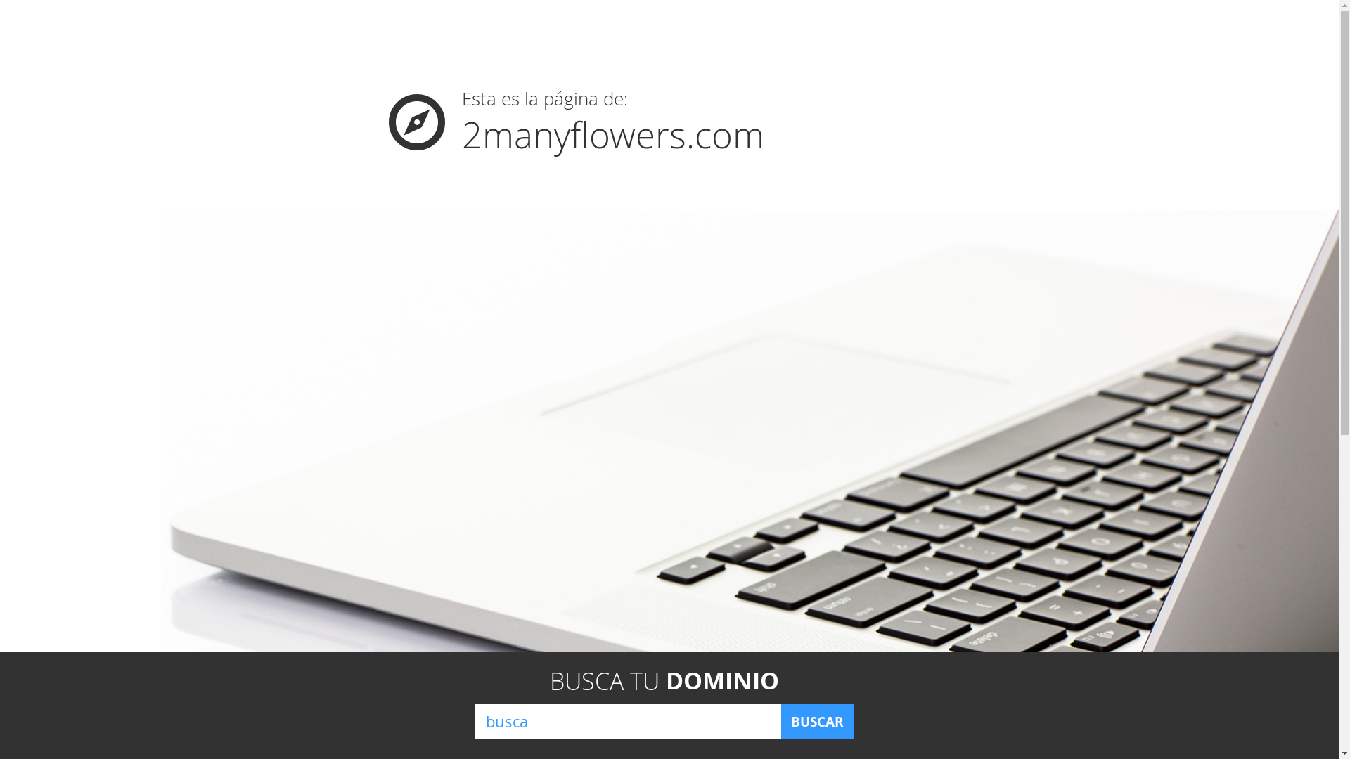 The width and height of the screenshot is (1350, 759). I want to click on 'BUSCAR', so click(816, 721).